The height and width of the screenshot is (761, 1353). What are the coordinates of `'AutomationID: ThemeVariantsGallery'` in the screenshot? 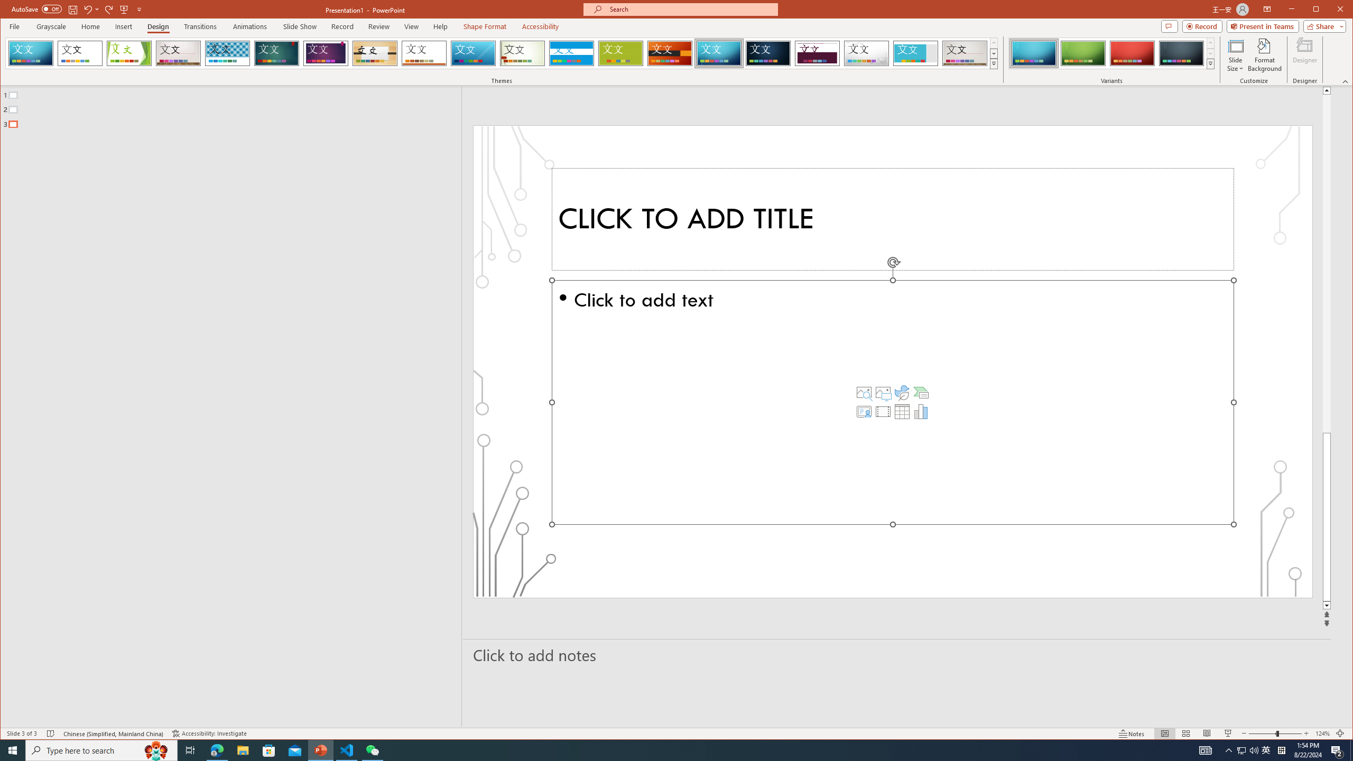 It's located at (1111, 52).